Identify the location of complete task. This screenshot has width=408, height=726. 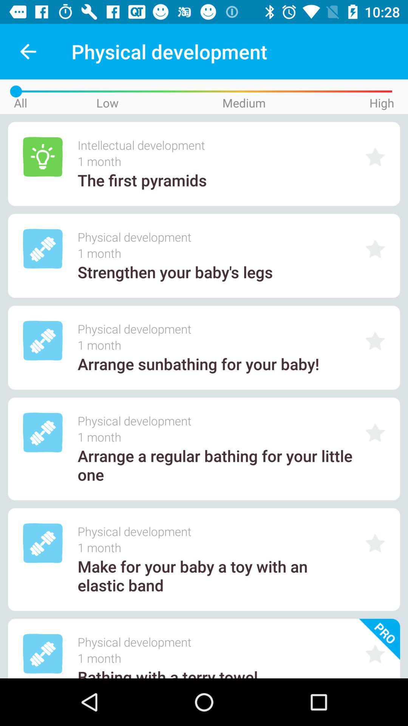
(375, 340).